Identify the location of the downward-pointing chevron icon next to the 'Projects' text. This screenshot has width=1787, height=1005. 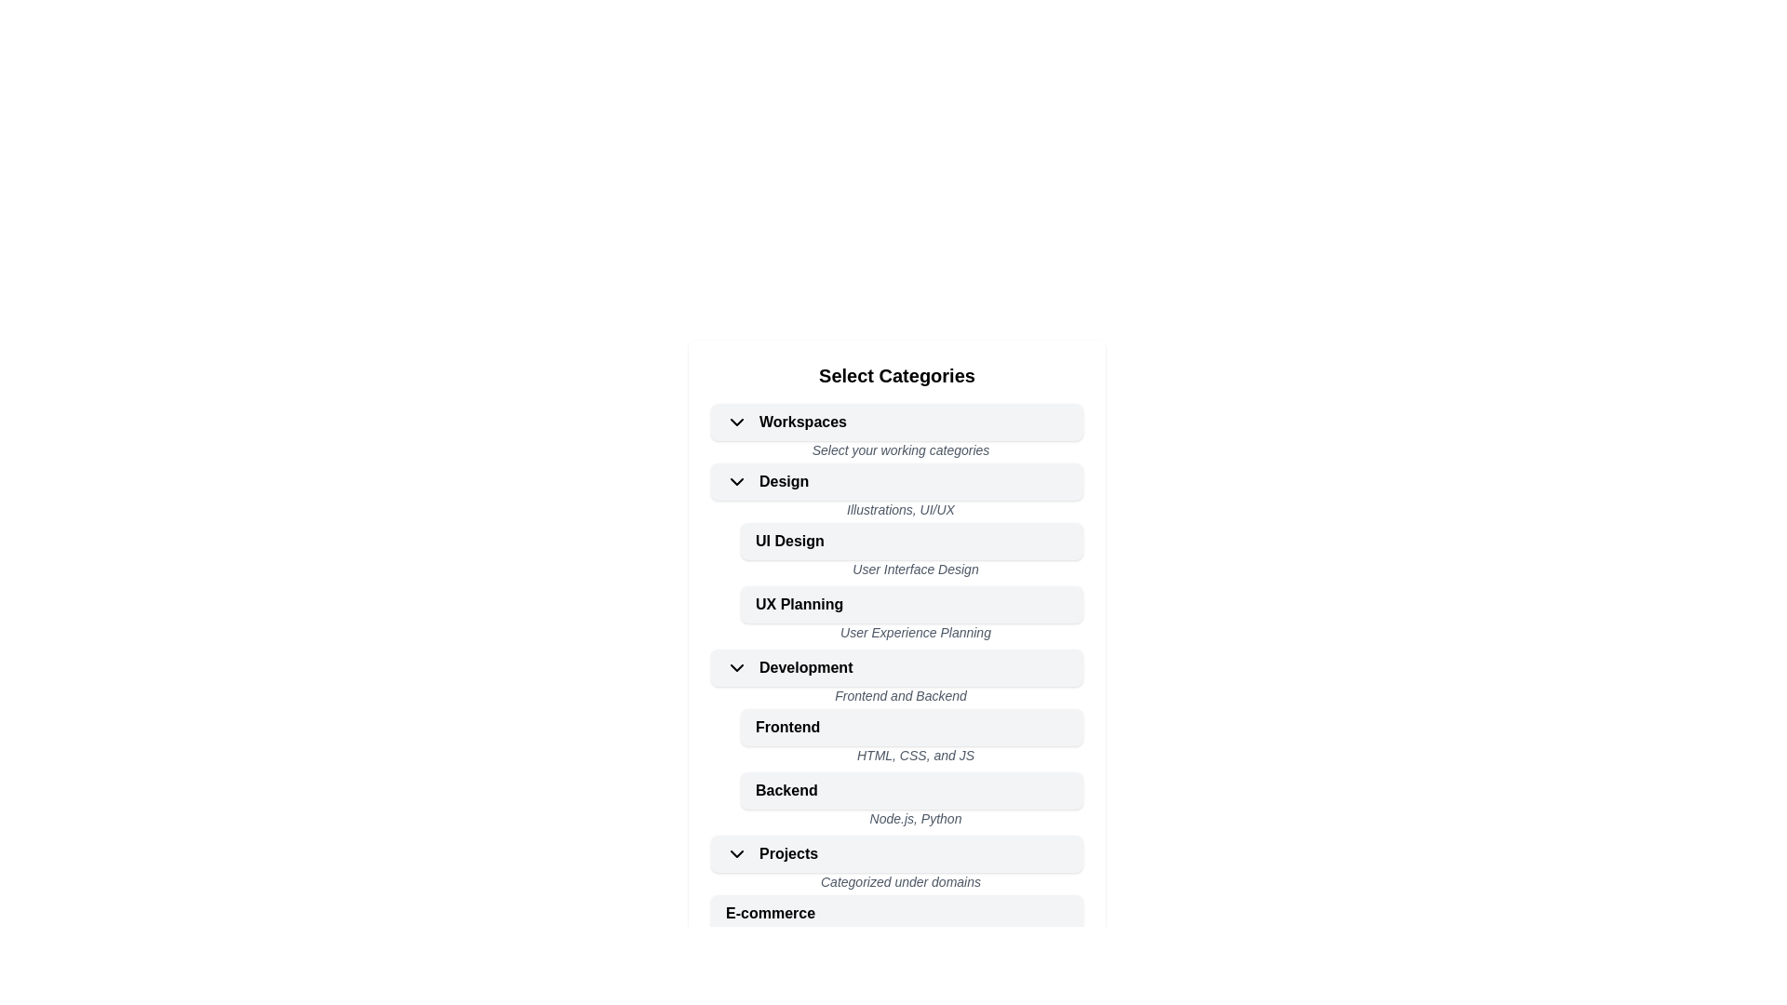
(741, 854).